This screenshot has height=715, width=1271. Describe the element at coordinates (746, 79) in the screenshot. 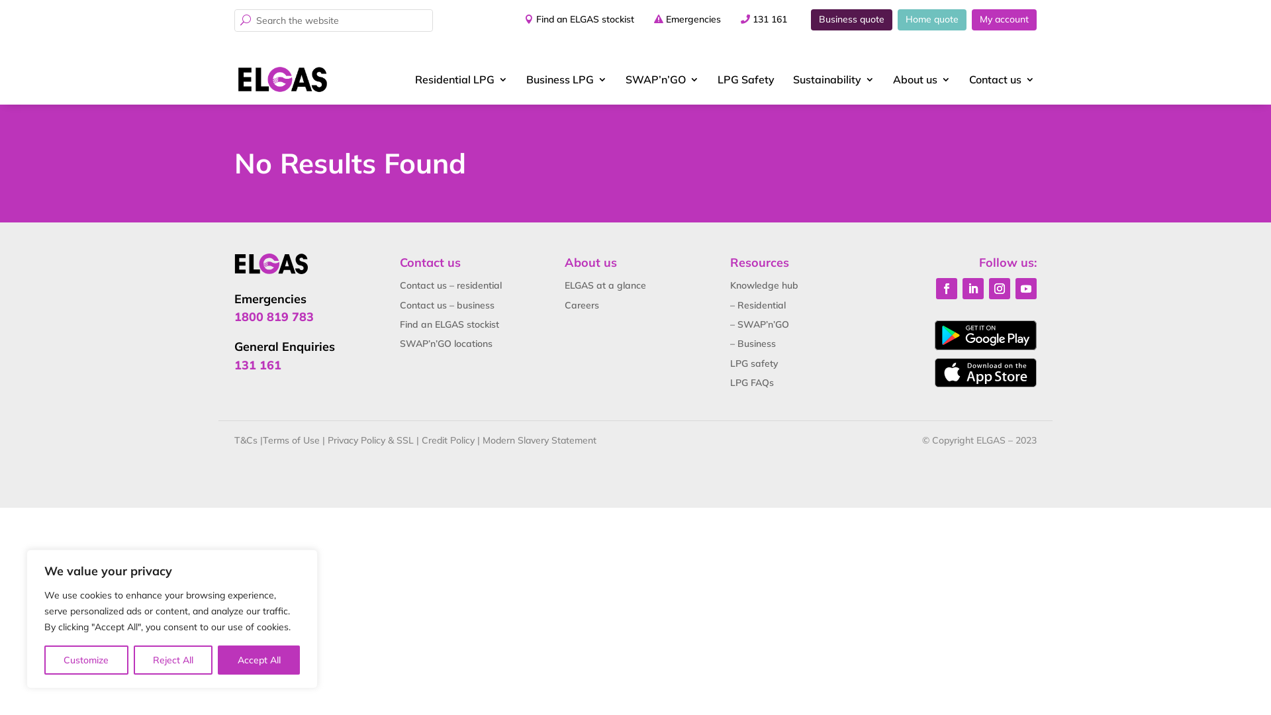

I see `'LPG Safety'` at that location.